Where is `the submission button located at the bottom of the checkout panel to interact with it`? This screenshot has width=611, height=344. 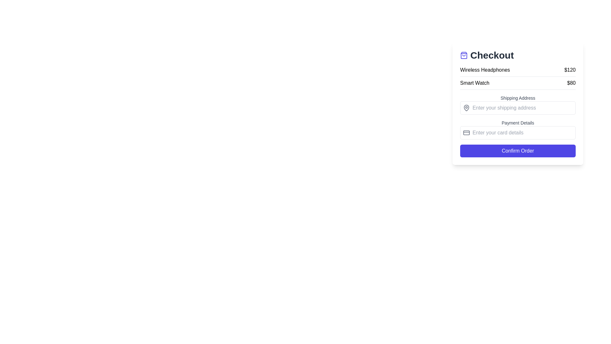
the submission button located at the bottom of the checkout panel to interact with it is located at coordinates (518, 151).